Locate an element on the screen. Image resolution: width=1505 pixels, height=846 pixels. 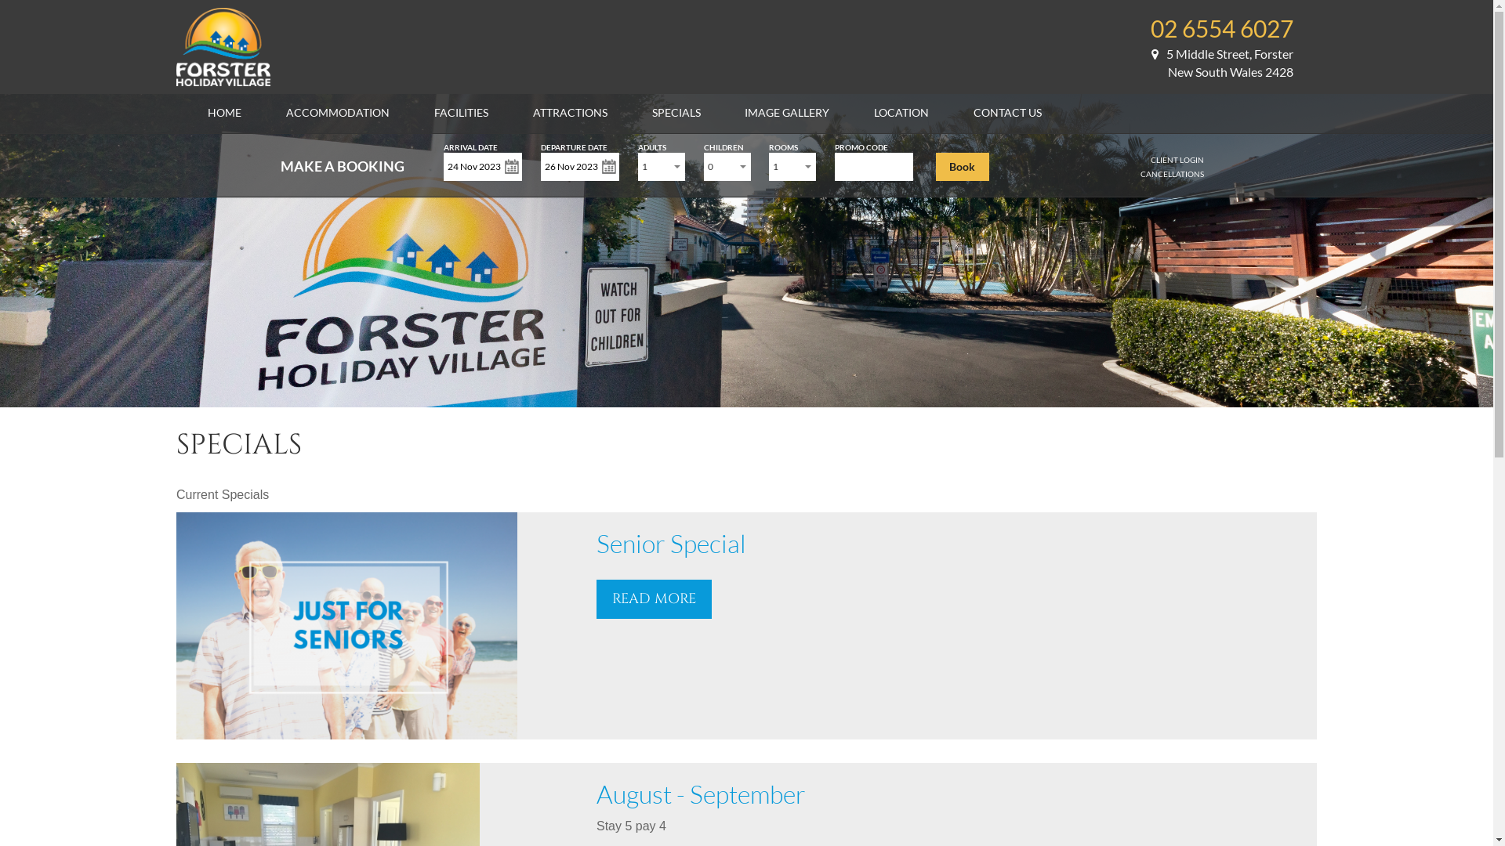
'FACILITIES' is located at coordinates (460, 111).